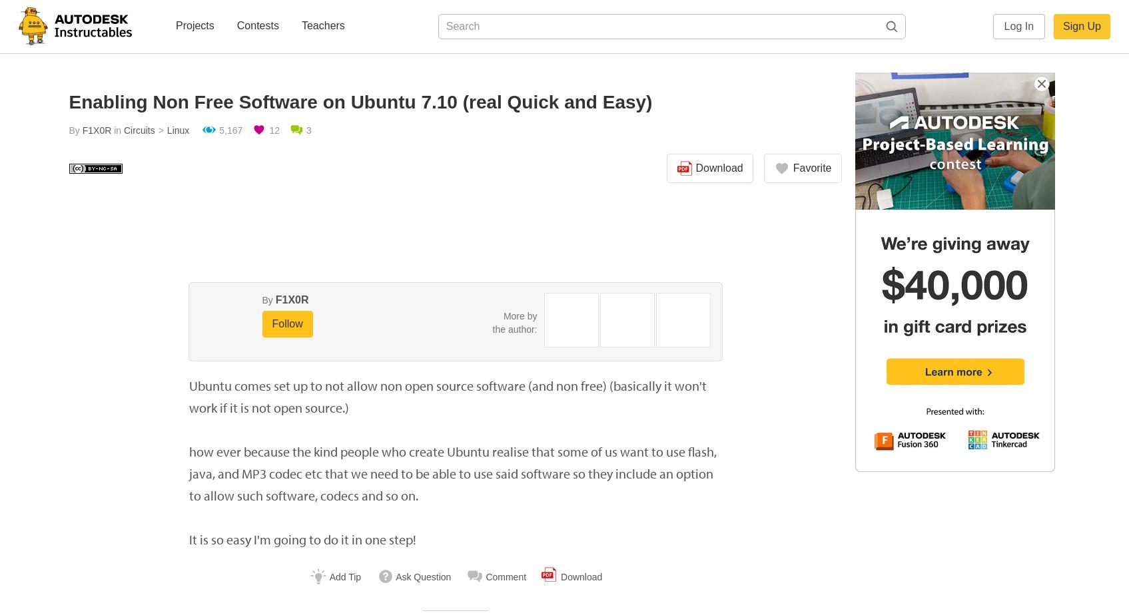 The image size is (1129, 615). Describe the element at coordinates (1081, 26) in the screenshot. I see `'Sign Up'` at that location.